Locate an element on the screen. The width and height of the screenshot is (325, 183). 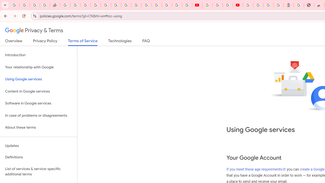
'About these terms' is located at coordinates (38, 127).